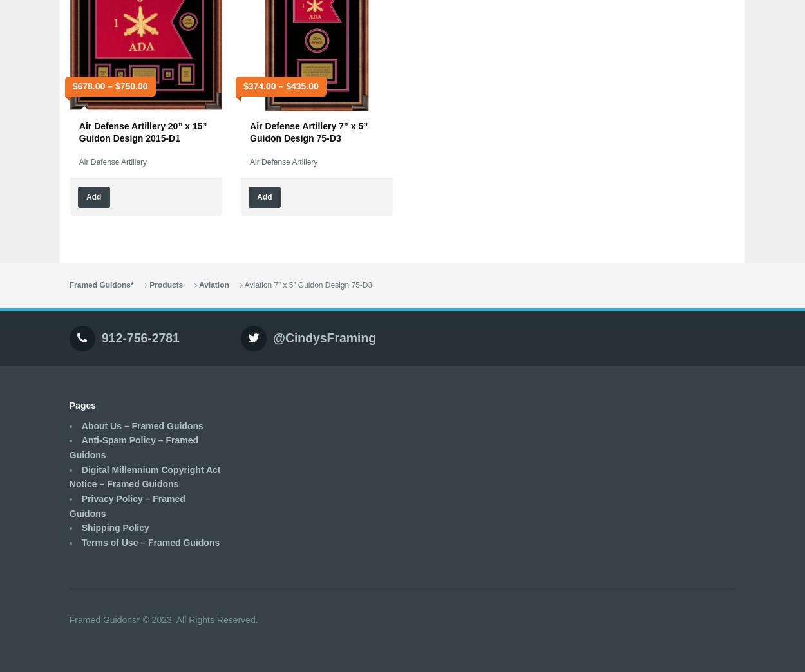 This screenshot has width=805, height=672. I want to click on 'Anti-Spam Policy – Framed Guidons', so click(133, 447).